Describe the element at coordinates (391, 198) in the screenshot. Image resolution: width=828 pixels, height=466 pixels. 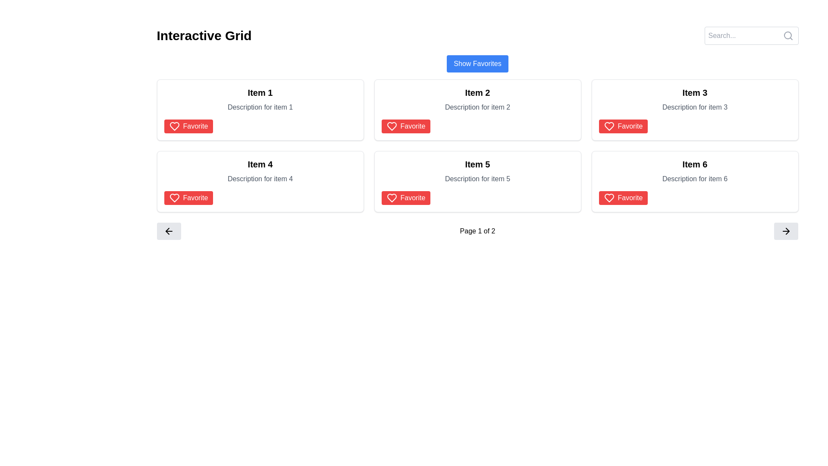
I see `the heart-shaped icon within the 'Favorite' button located at the bottom-left corner of the 'Item 5' card to favorite the item` at that location.